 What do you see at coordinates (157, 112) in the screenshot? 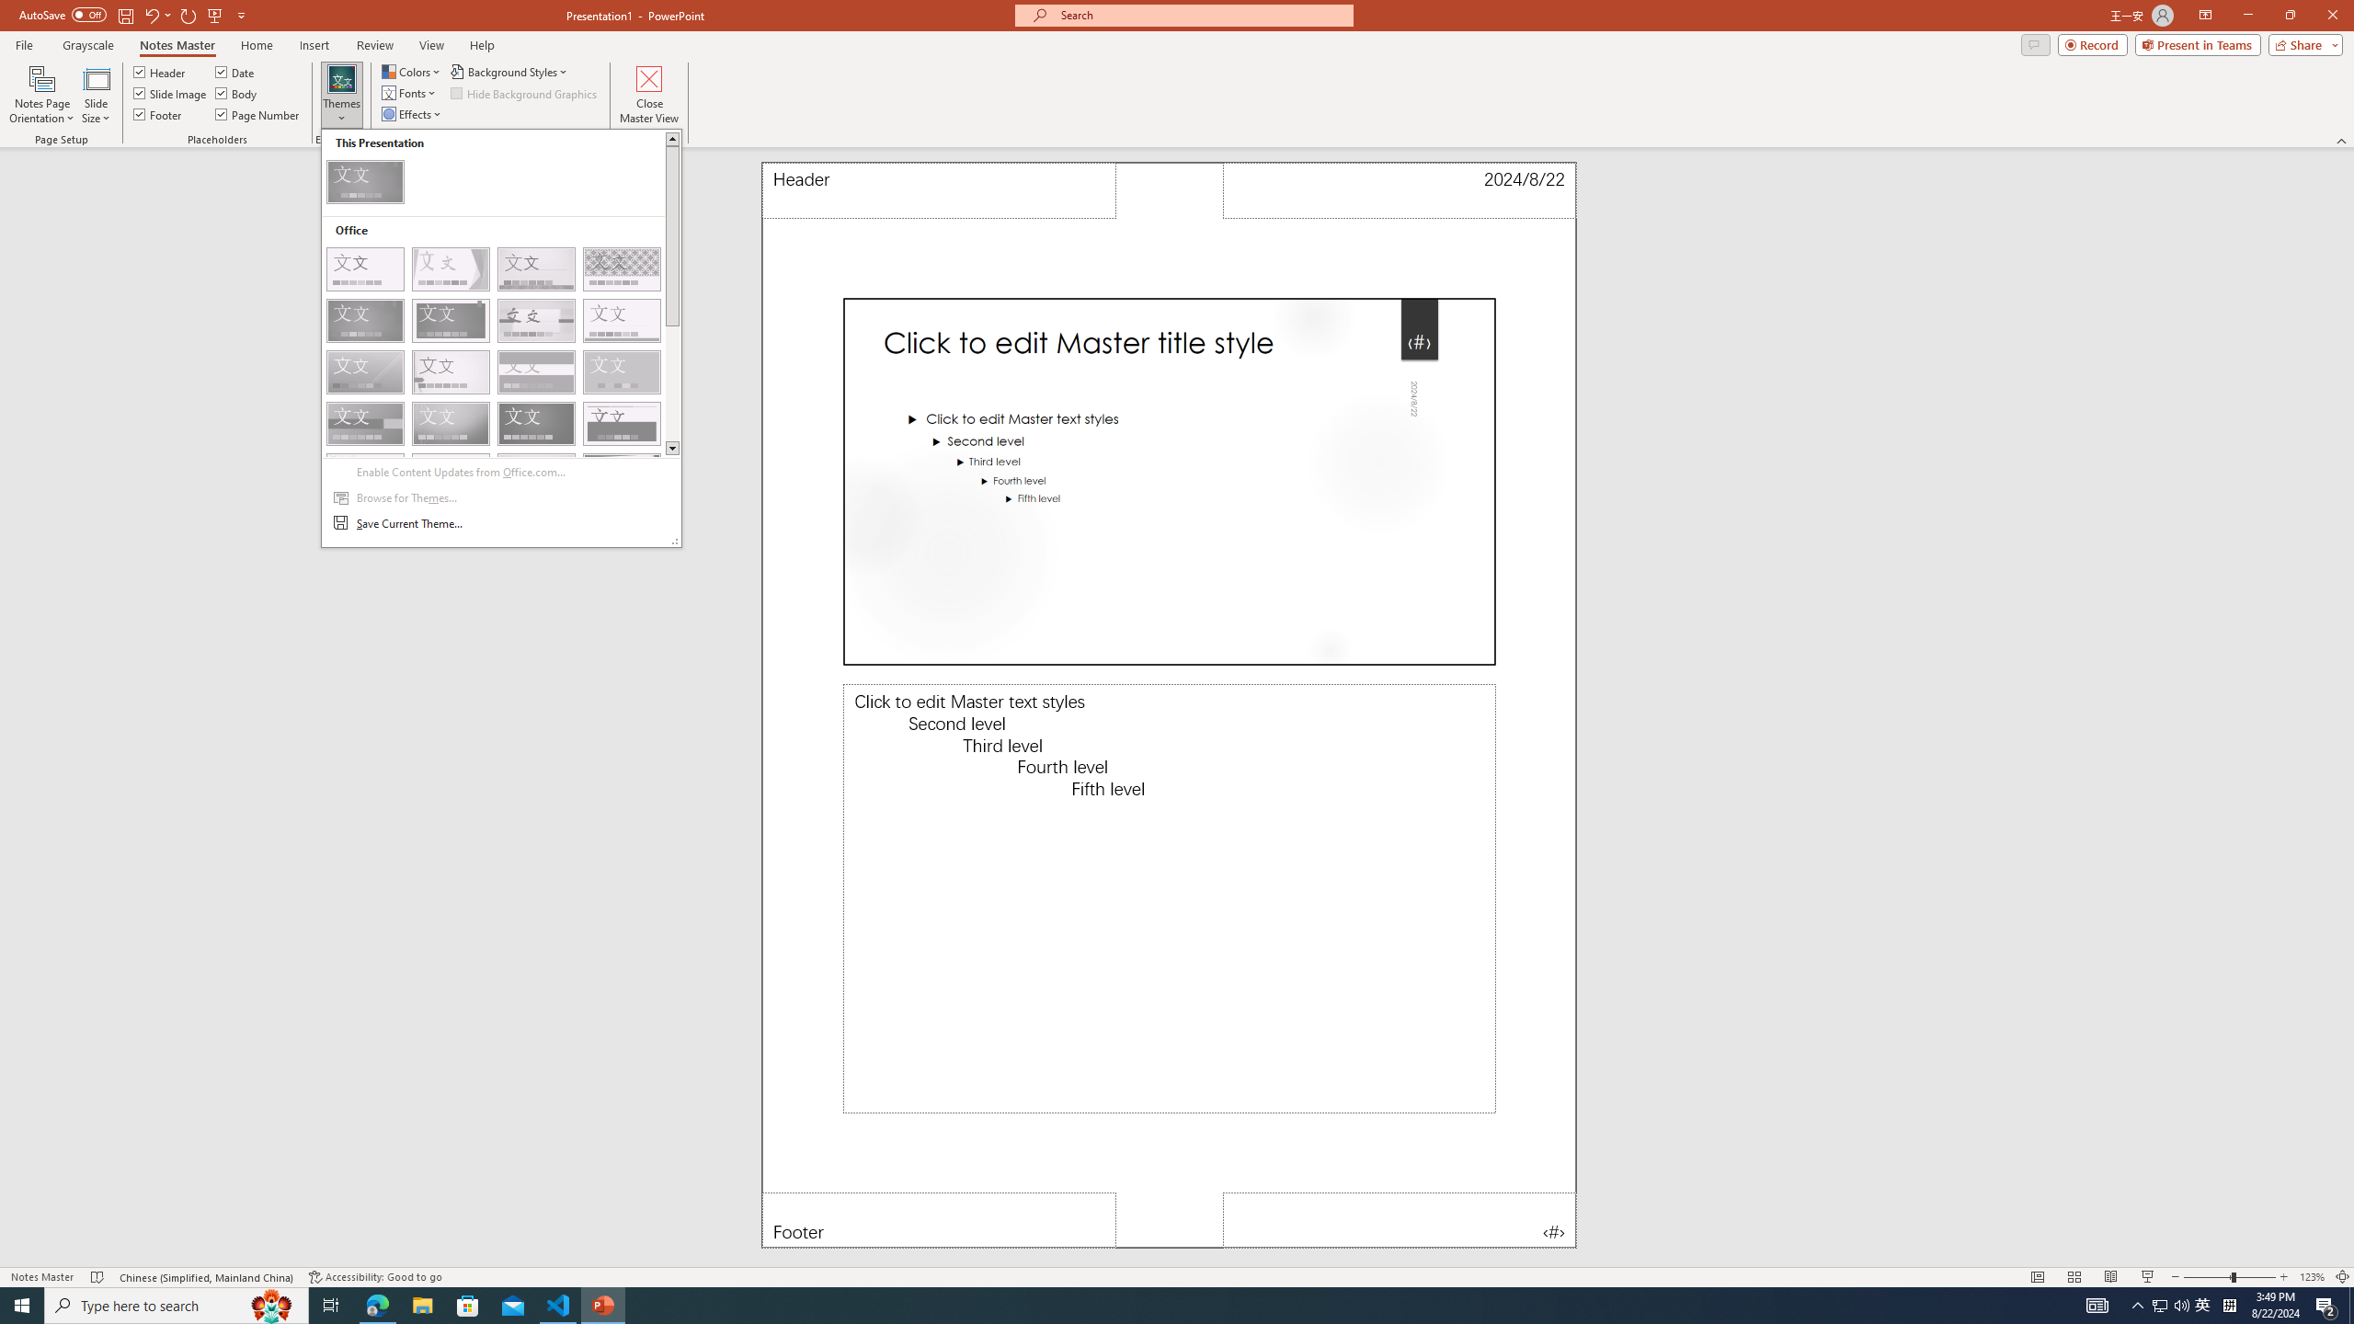
I see `'Footer'` at bounding box center [157, 112].